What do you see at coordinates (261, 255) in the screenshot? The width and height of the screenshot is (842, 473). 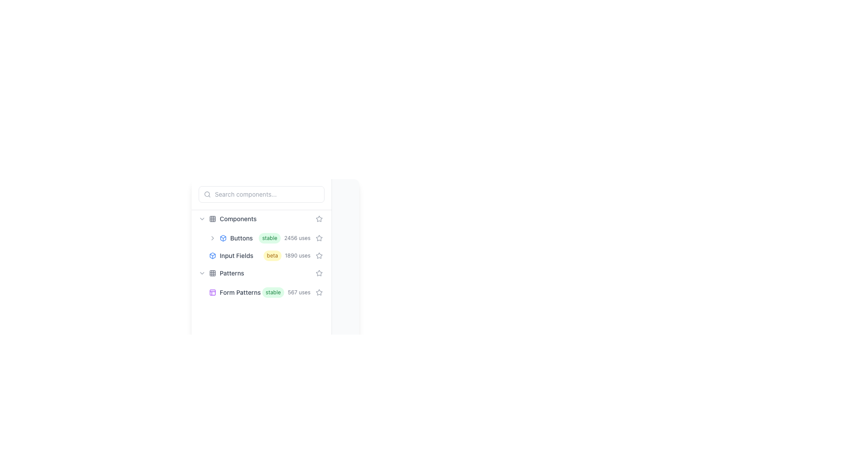 I see `the badge in the second row of the list item that describes the 'Input Fields' component to read its content` at bounding box center [261, 255].